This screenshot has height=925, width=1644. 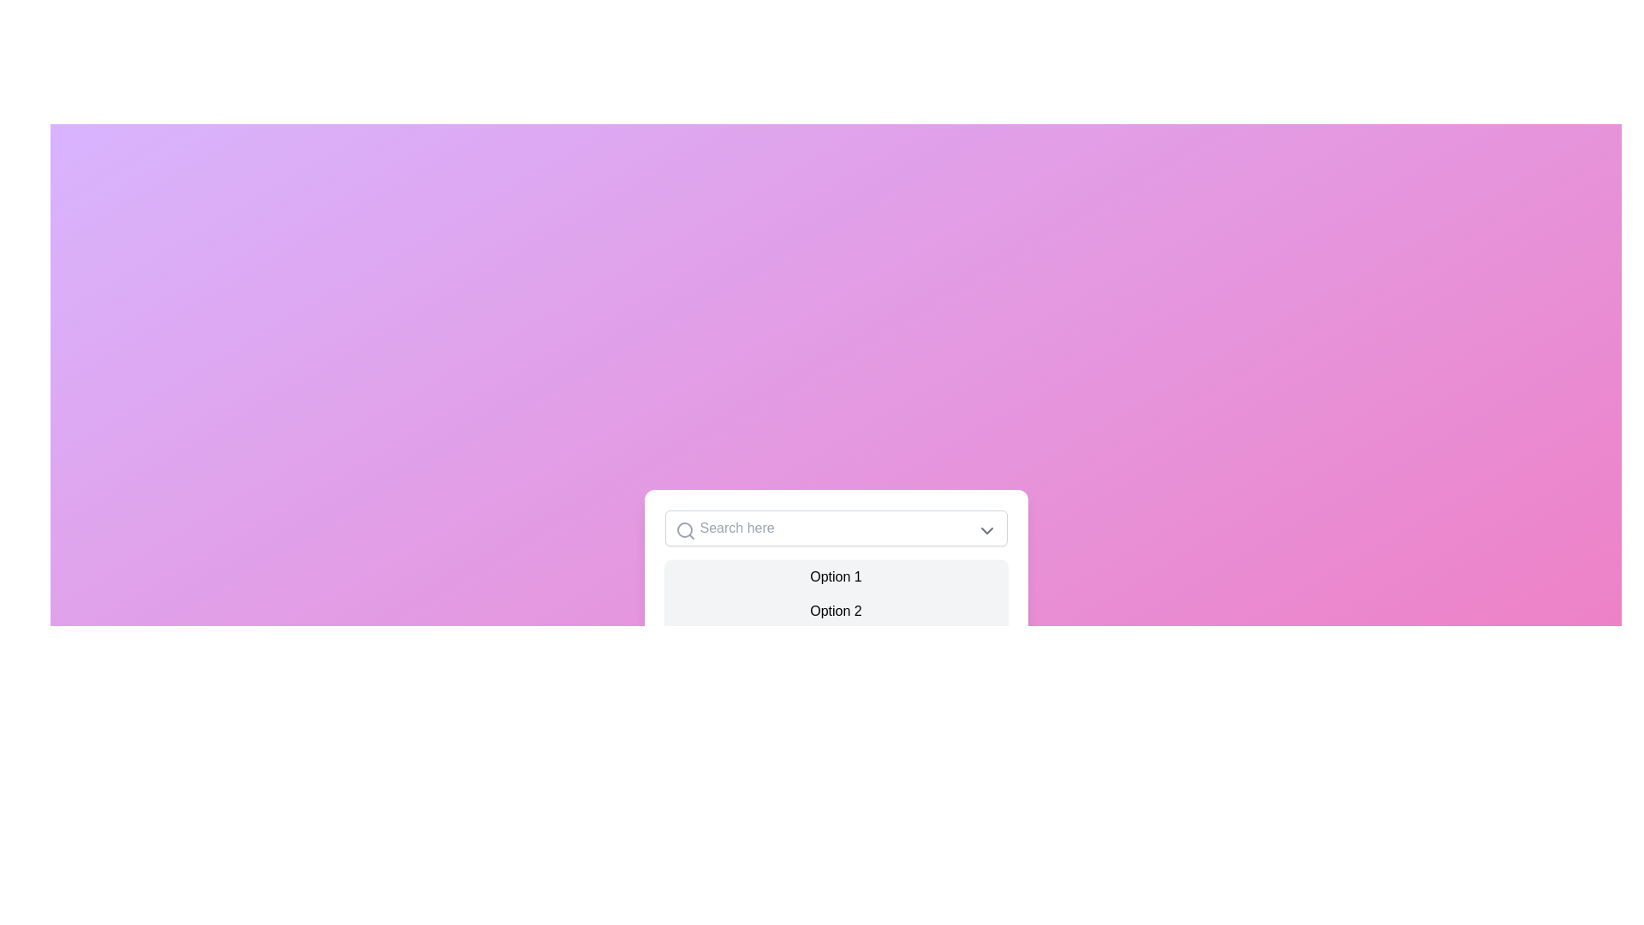 I want to click on the decorative search icon located in the top-left corner of the search input field, which is positioned to the left of the placeholder text 'Search here', so click(x=685, y=530).